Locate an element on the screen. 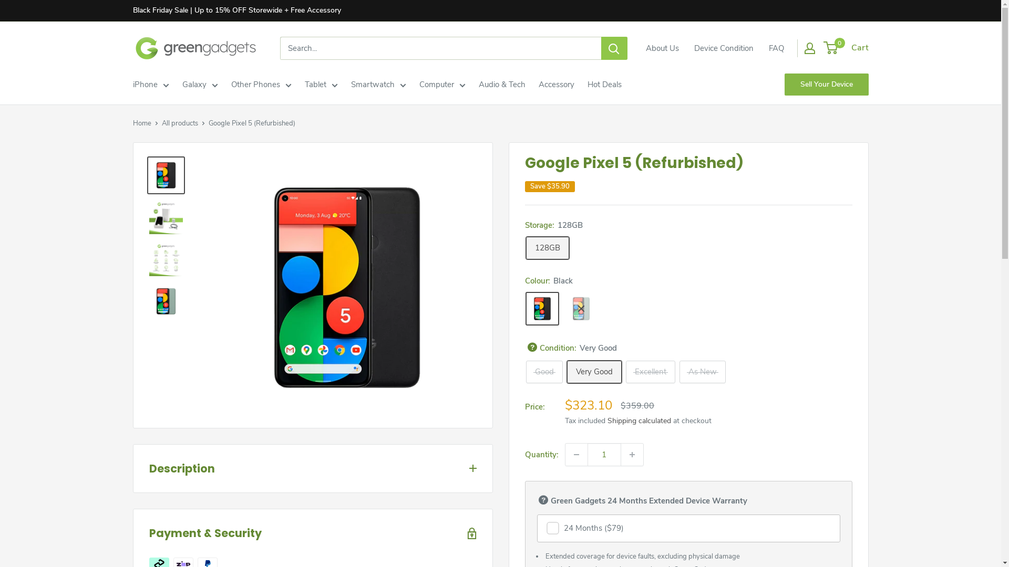 Image resolution: width=1009 pixels, height=567 pixels. 'Sell Your Device' is located at coordinates (784, 84).